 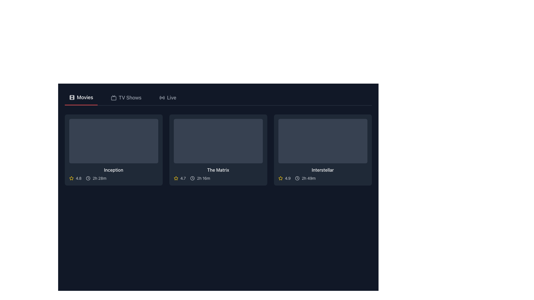 I want to click on the text label displaying the title 'Inception', which is styled in white font and positioned below the movie cover and above the movie's rating and duration, so click(x=113, y=170).